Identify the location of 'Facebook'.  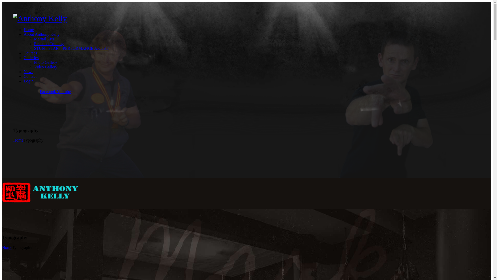
(48, 91).